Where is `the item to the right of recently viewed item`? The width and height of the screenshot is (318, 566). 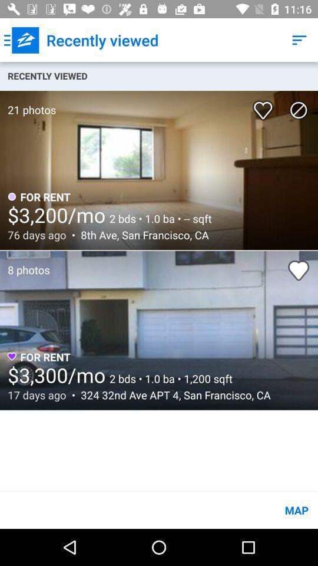 the item to the right of recently viewed item is located at coordinates (299, 40).